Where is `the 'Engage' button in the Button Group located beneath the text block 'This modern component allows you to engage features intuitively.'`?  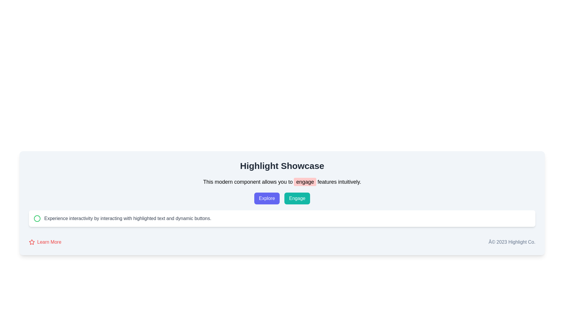
the 'Engage' button in the Button Group located beneath the text block 'This modern component allows you to engage features intuitively.' is located at coordinates (282, 198).